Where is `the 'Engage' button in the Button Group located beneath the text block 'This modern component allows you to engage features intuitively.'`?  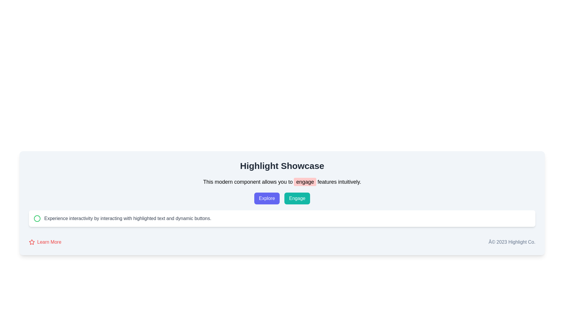
the 'Engage' button in the Button Group located beneath the text block 'This modern component allows you to engage features intuitively.' is located at coordinates (282, 198).